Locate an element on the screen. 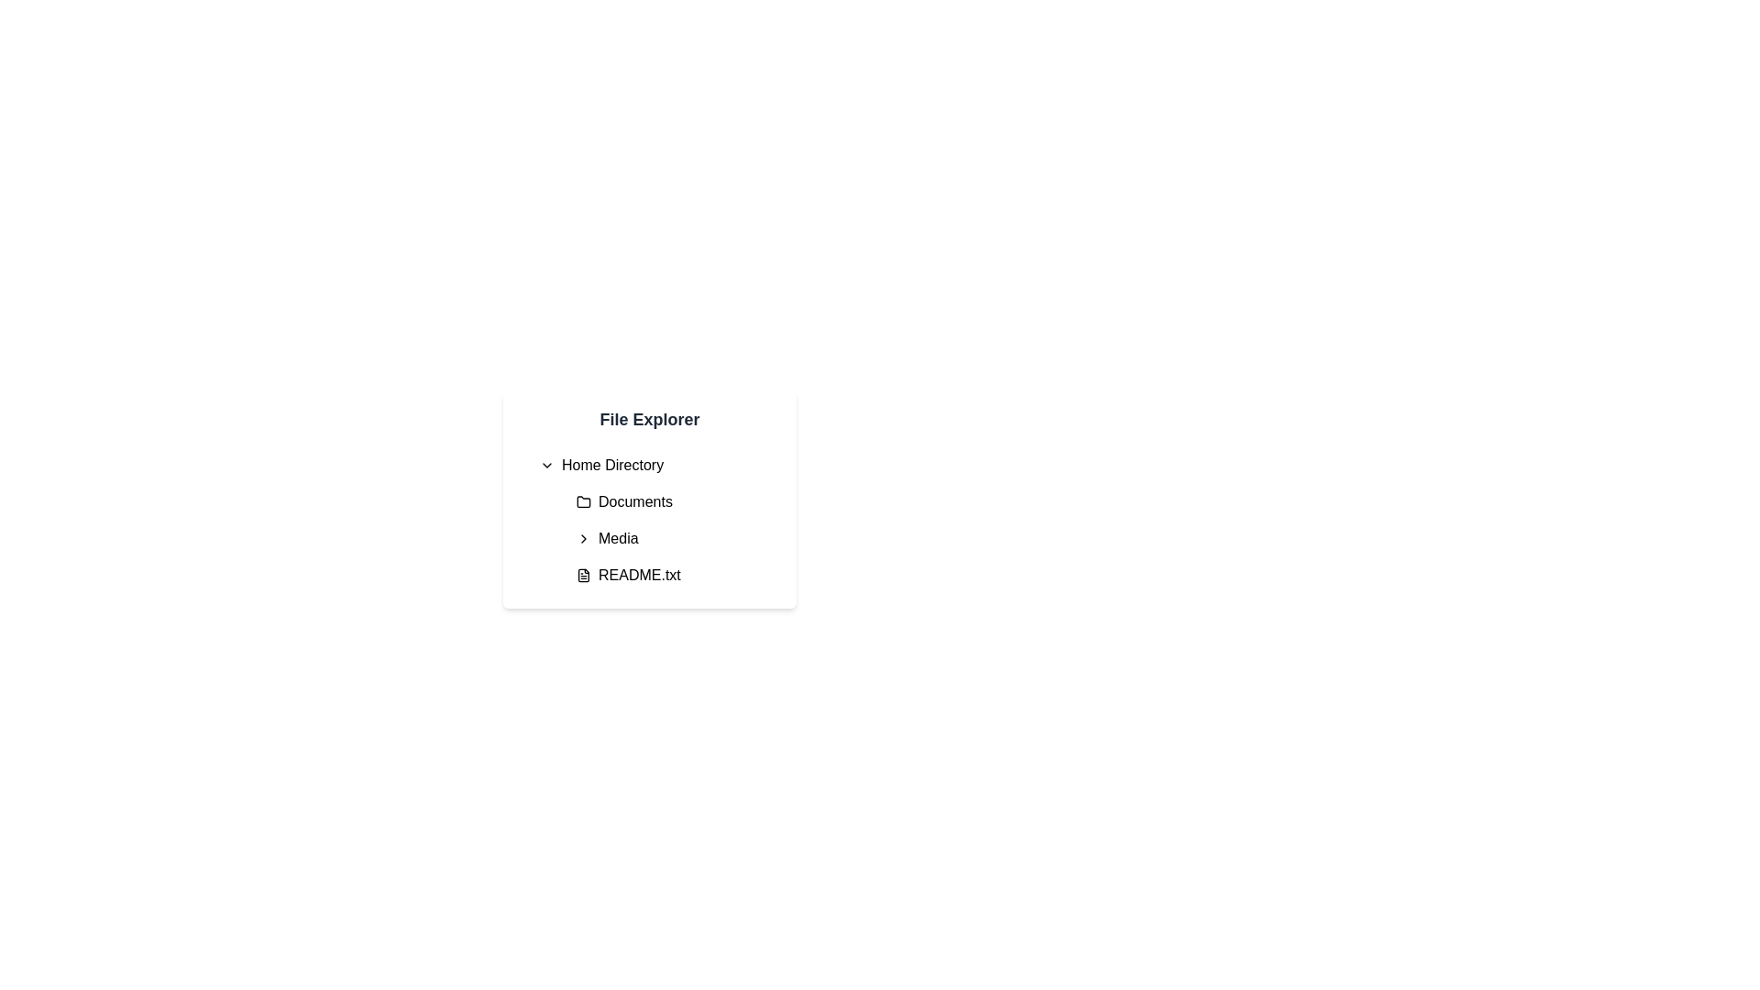  the icon located to the immediate left of the 'Home Directory' text label is located at coordinates (545, 465).